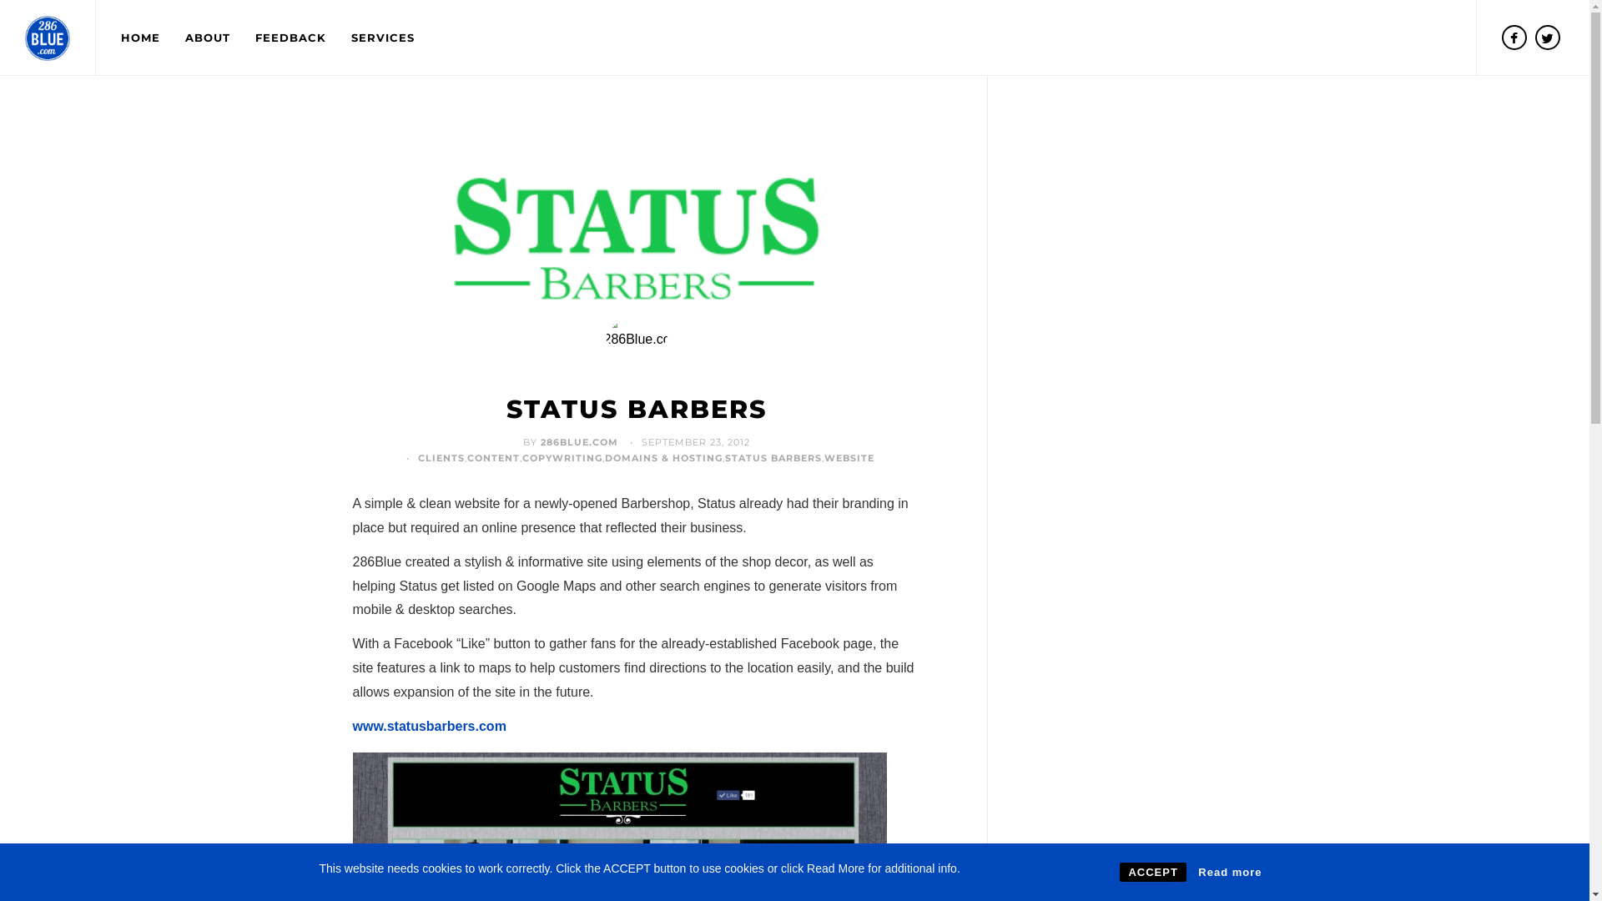 The height and width of the screenshot is (901, 1602). What do you see at coordinates (772, 457) in the screenshot?
I see `'STATUS BARBERS'` at bounding box center [772, 457].